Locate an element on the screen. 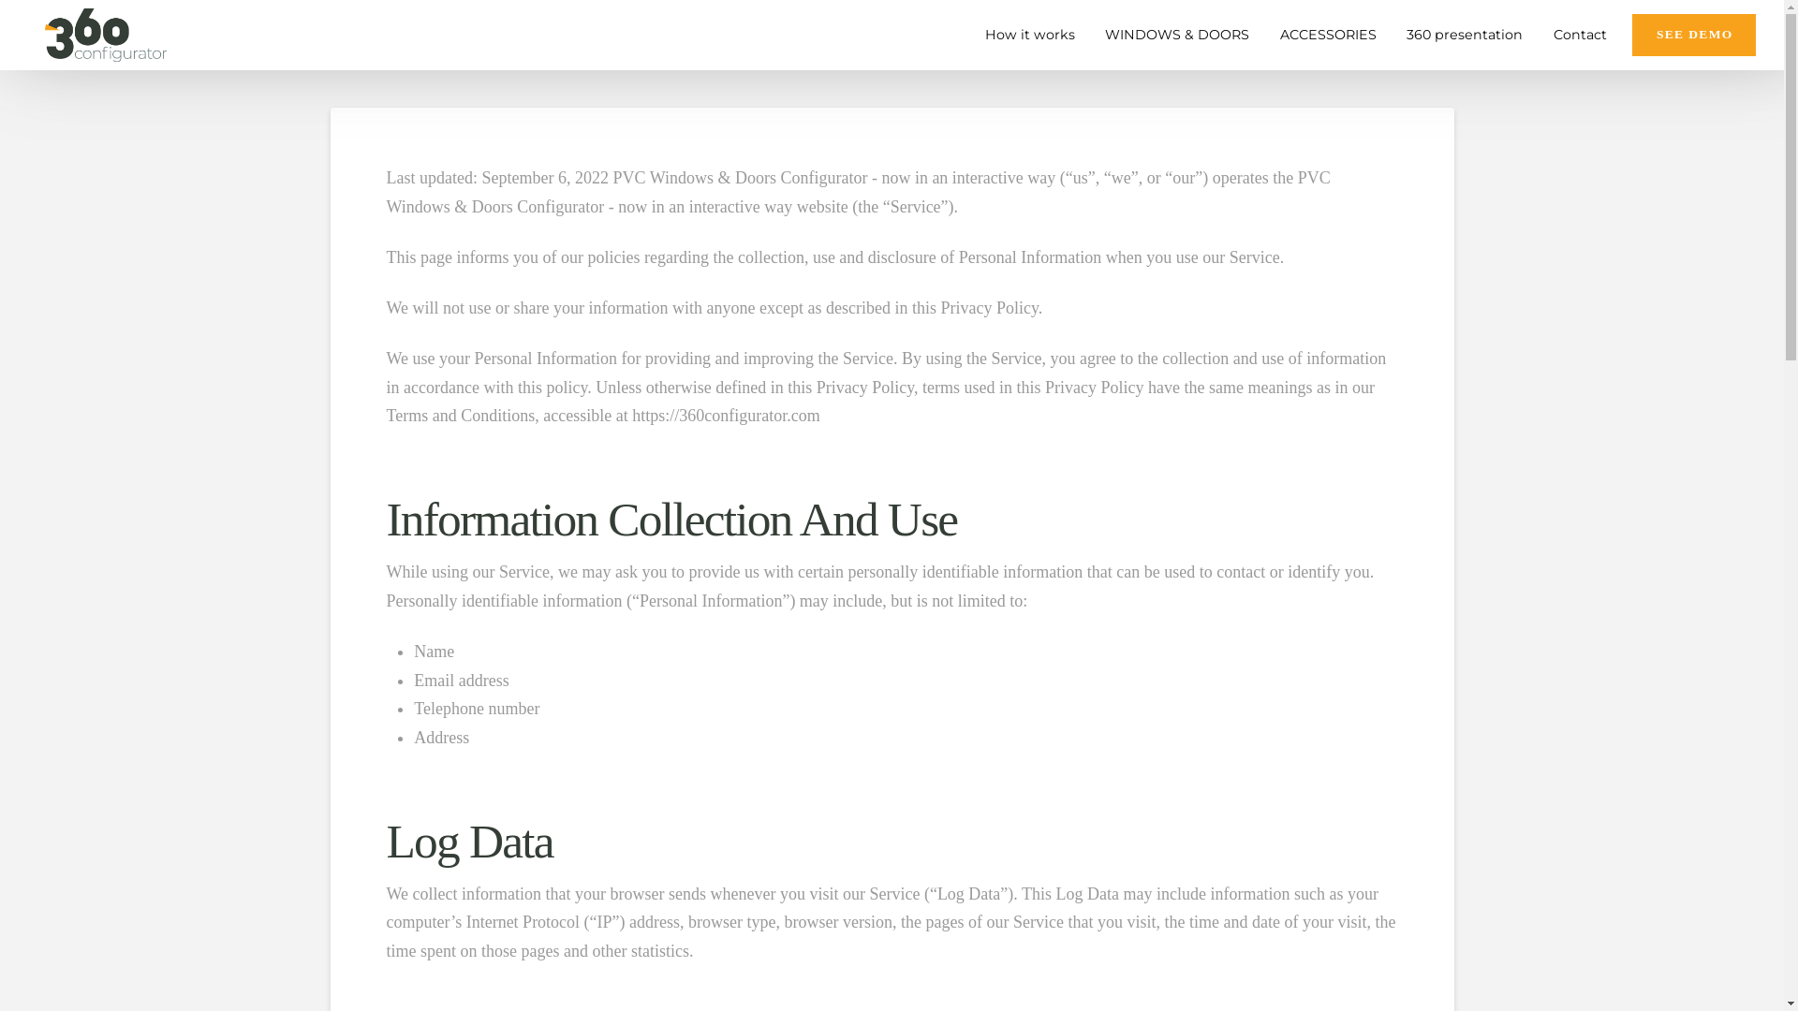  '360 presentation' is located at coordinates (1460, 35).